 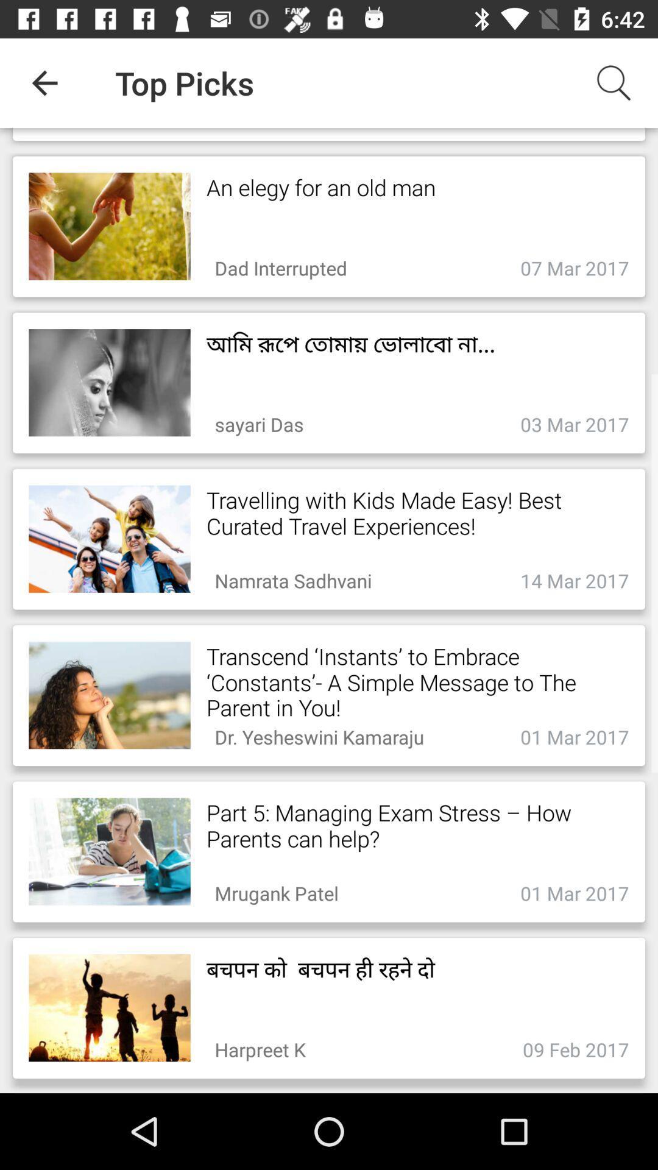 What do you see at coordinates (277, 890) in the screenshot?
I see `the icon next to 01 mar 2017 icon` at bounding box center [277, 890].